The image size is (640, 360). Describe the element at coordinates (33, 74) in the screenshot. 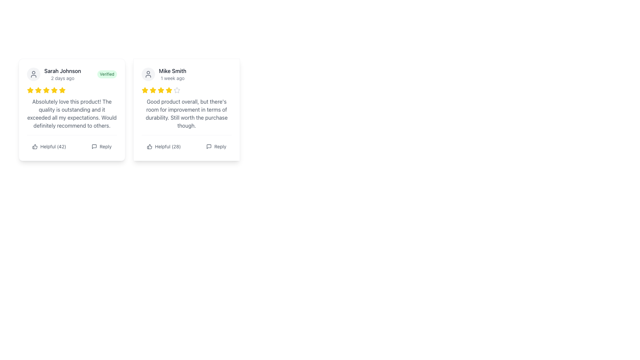

I see `the user profile picture icon located in the top-left corner of the left review card by moving the cursor to its center point` at that location.